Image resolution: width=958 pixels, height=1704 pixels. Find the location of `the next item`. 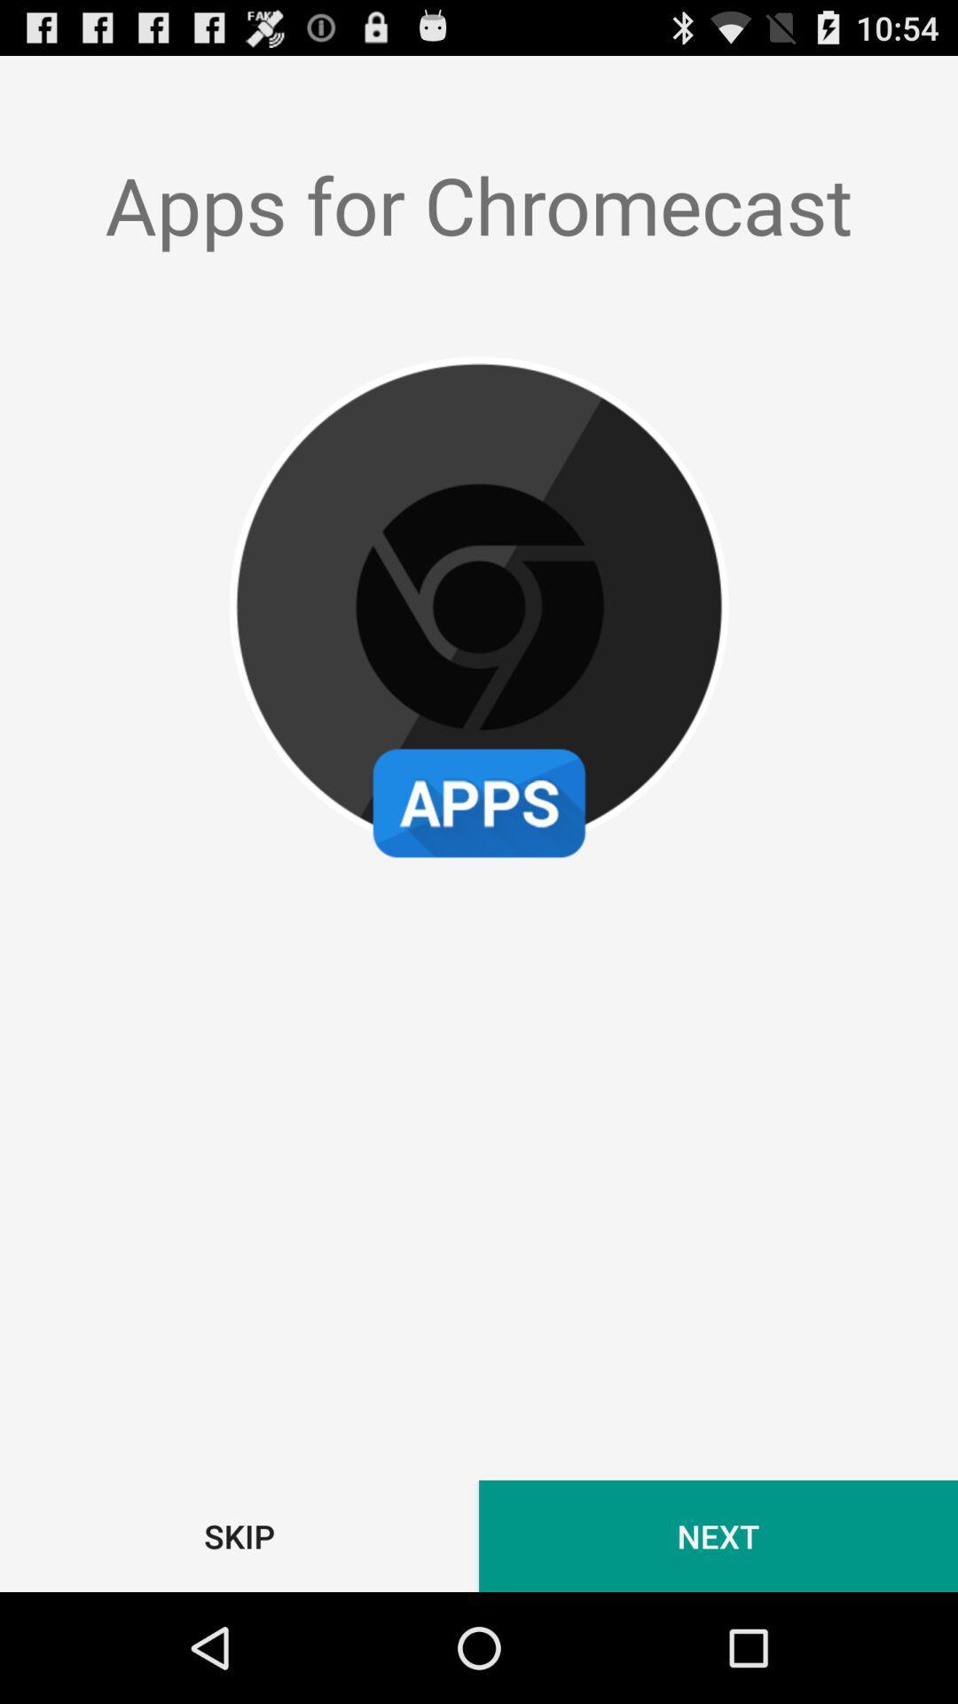

the next item is located at coordinates (718, 1535).